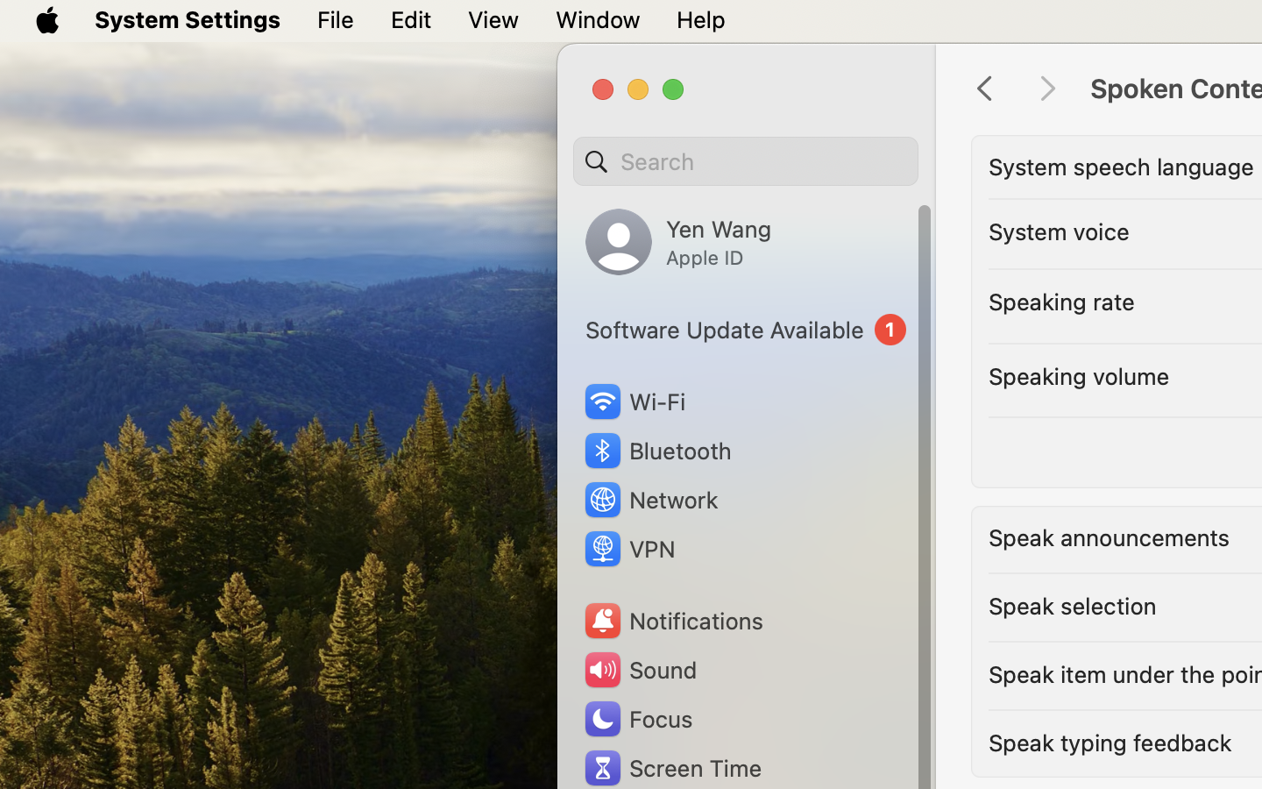 The height and width of the screenshot is (789, 1262). What do you see at coordinates (670, 767) in the screenshot?
I see `'Screen Time'` at bounding box center [670, 767].